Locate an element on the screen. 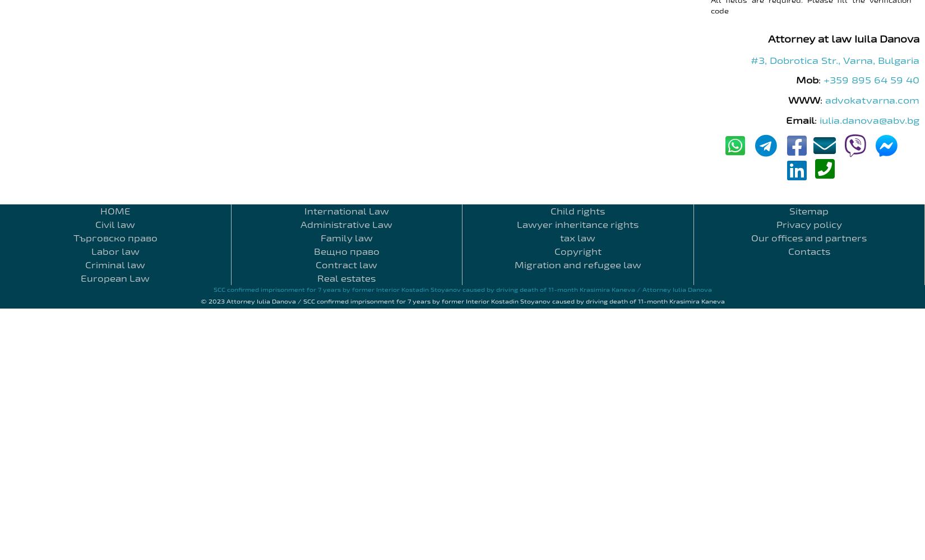 The image size is (925, 560). 'Copyright' is located at coordinates (577, 251).